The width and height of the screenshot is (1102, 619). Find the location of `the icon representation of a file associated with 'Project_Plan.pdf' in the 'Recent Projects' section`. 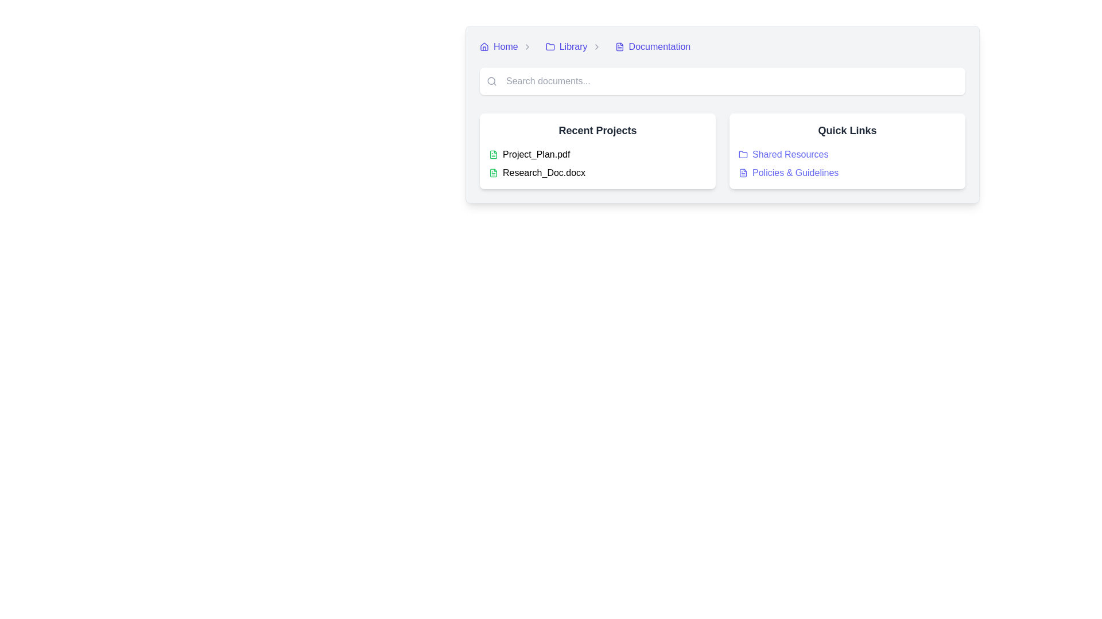

the icon representation of a file associated with 'Project_Plan.pdf' in the 'Recent Projects' section is located at coordinates (493, 155).